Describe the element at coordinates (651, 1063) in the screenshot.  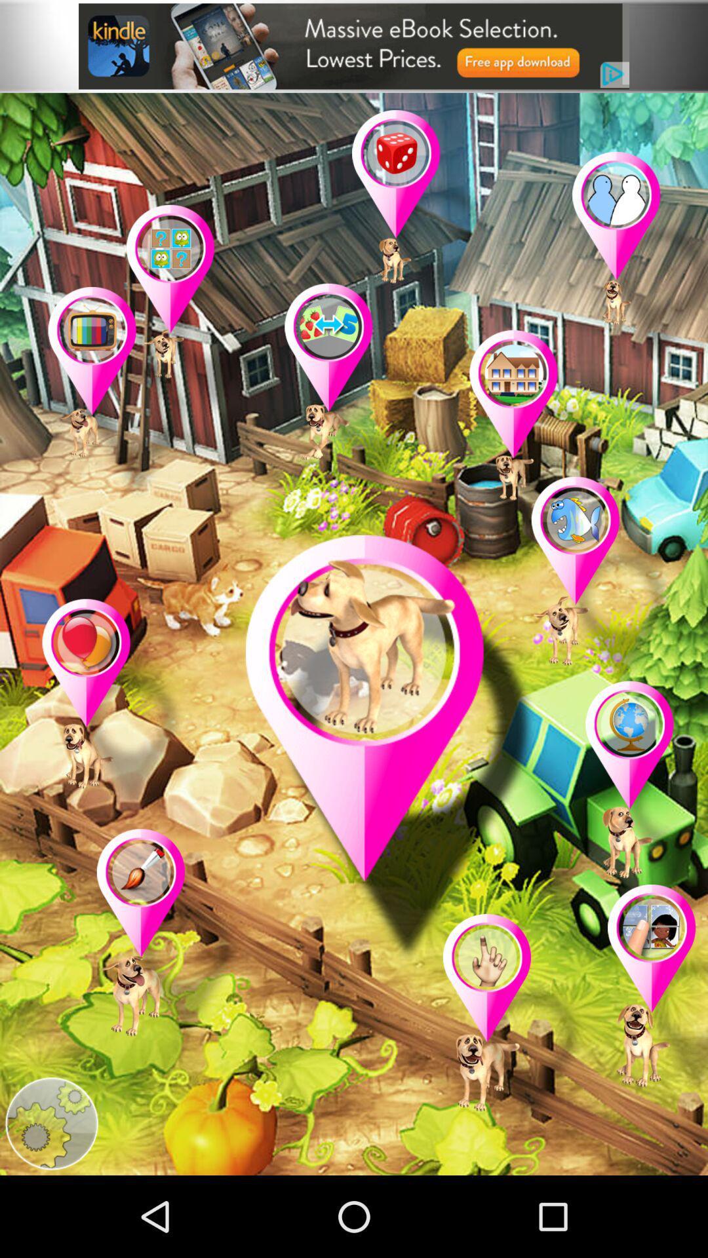
I see `the location icon` at that location.